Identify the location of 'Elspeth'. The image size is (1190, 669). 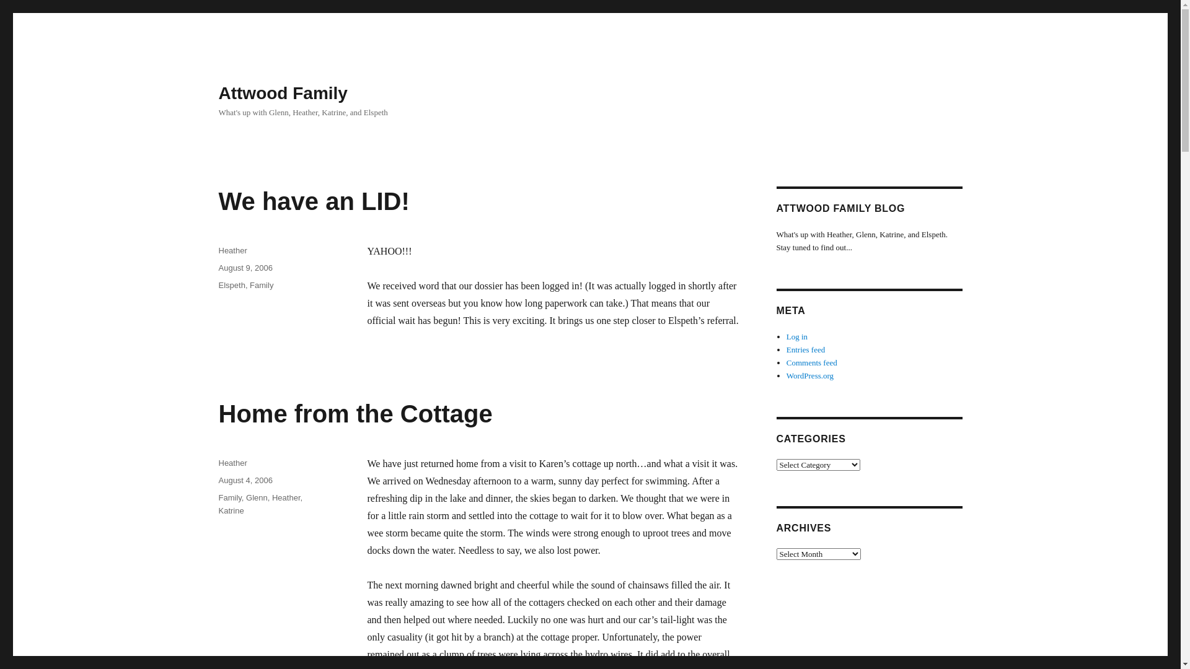
(218, 285).